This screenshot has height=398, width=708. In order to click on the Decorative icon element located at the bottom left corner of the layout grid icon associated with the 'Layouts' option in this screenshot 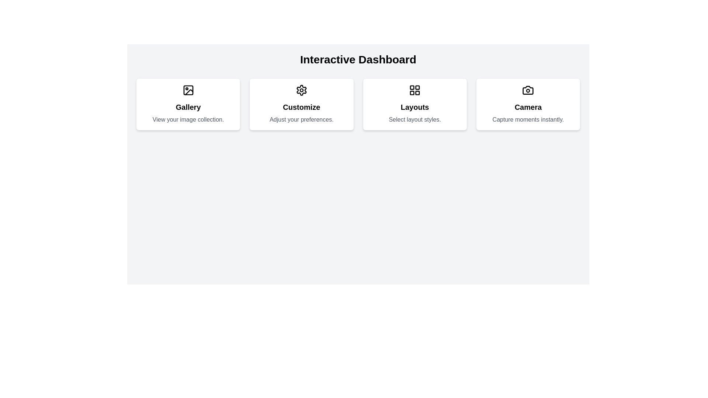, I will do `click(412, 92)`.